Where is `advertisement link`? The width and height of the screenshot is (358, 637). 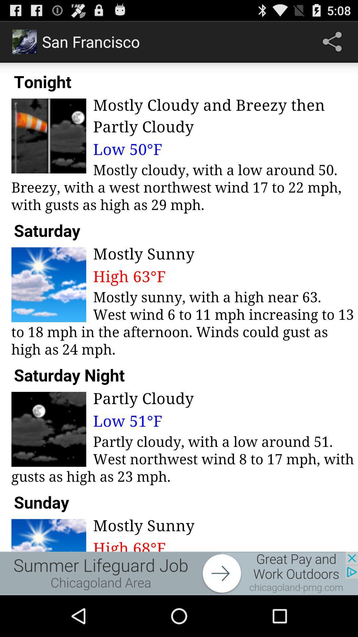
advertisement link is located at coordinates (179, 573).